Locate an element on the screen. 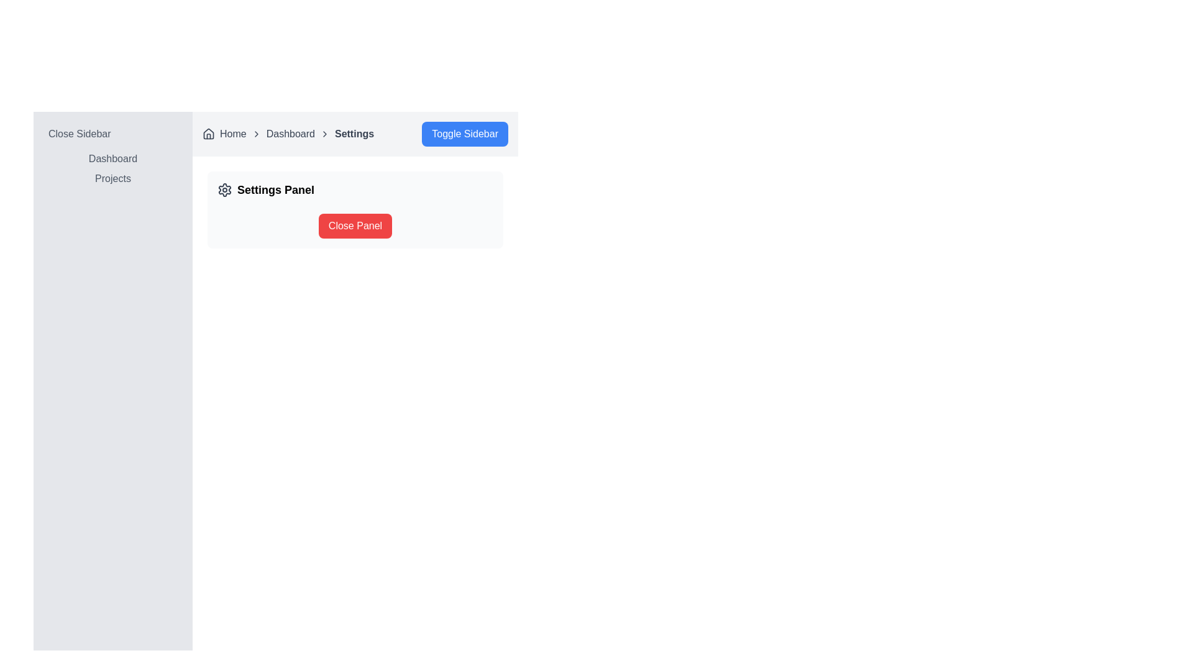  the 'Close Sidebar' button in the vertical sidebar is located at coordinates (113, 134).